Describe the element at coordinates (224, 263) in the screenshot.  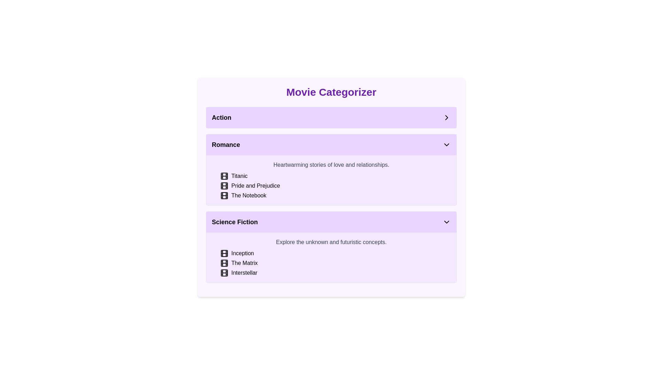
I see `the film strip icon located in the 'Science Fiction' section, to the left of 'The Matrix'` at that location.